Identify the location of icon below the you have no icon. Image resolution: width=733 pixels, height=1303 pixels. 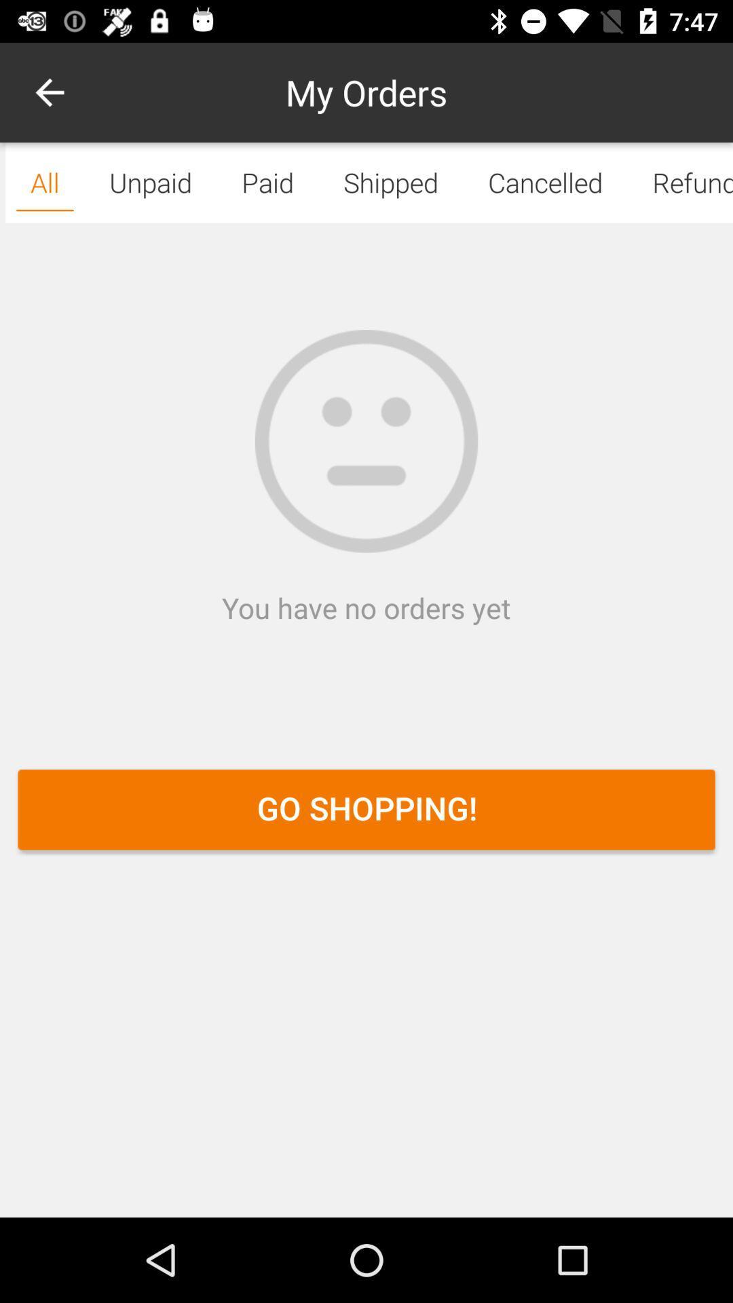
(366, 810).